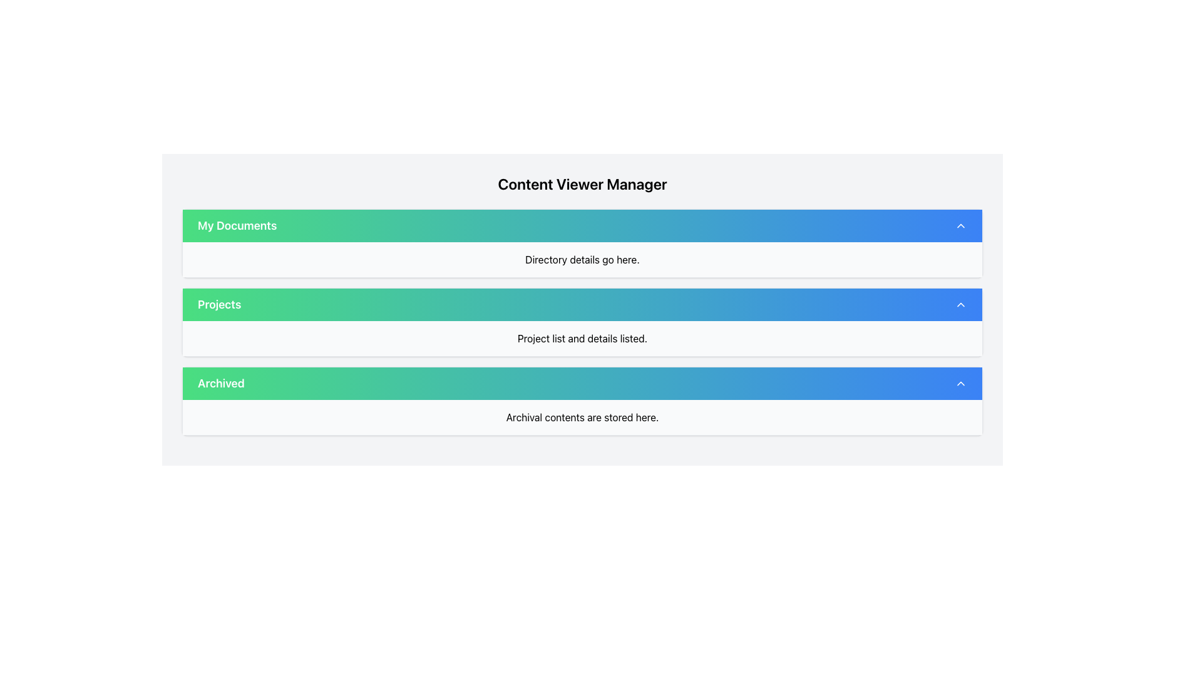  I want to click on the static text label in the 'My Documents' section, which serves as an informational placeholder and is centrally located within the topmost section of the layout, so click(582, 259).